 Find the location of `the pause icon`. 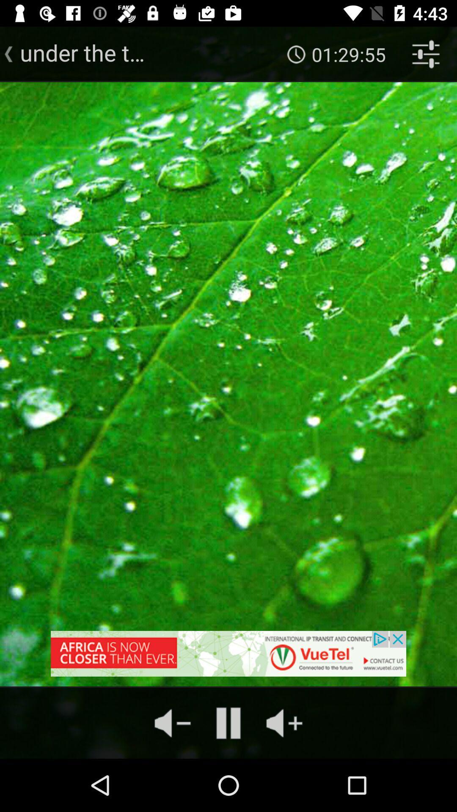

the pause icon is located at coordinates (228, 722).